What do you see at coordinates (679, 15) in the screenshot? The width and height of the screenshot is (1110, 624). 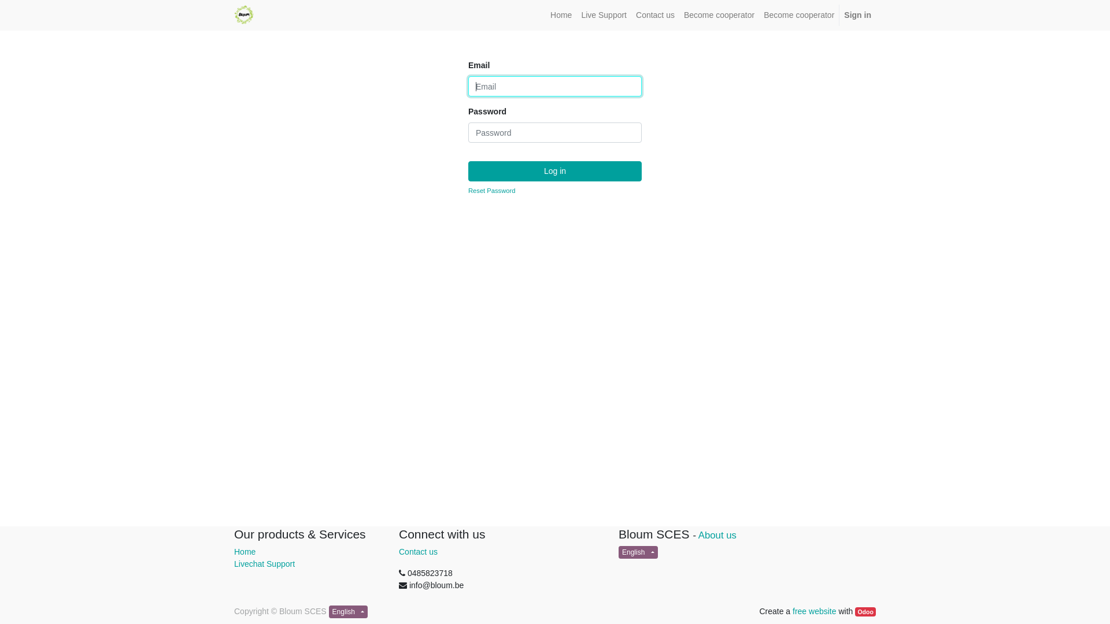 I see `'Become cooperator'` at bounding box center [679, 15].